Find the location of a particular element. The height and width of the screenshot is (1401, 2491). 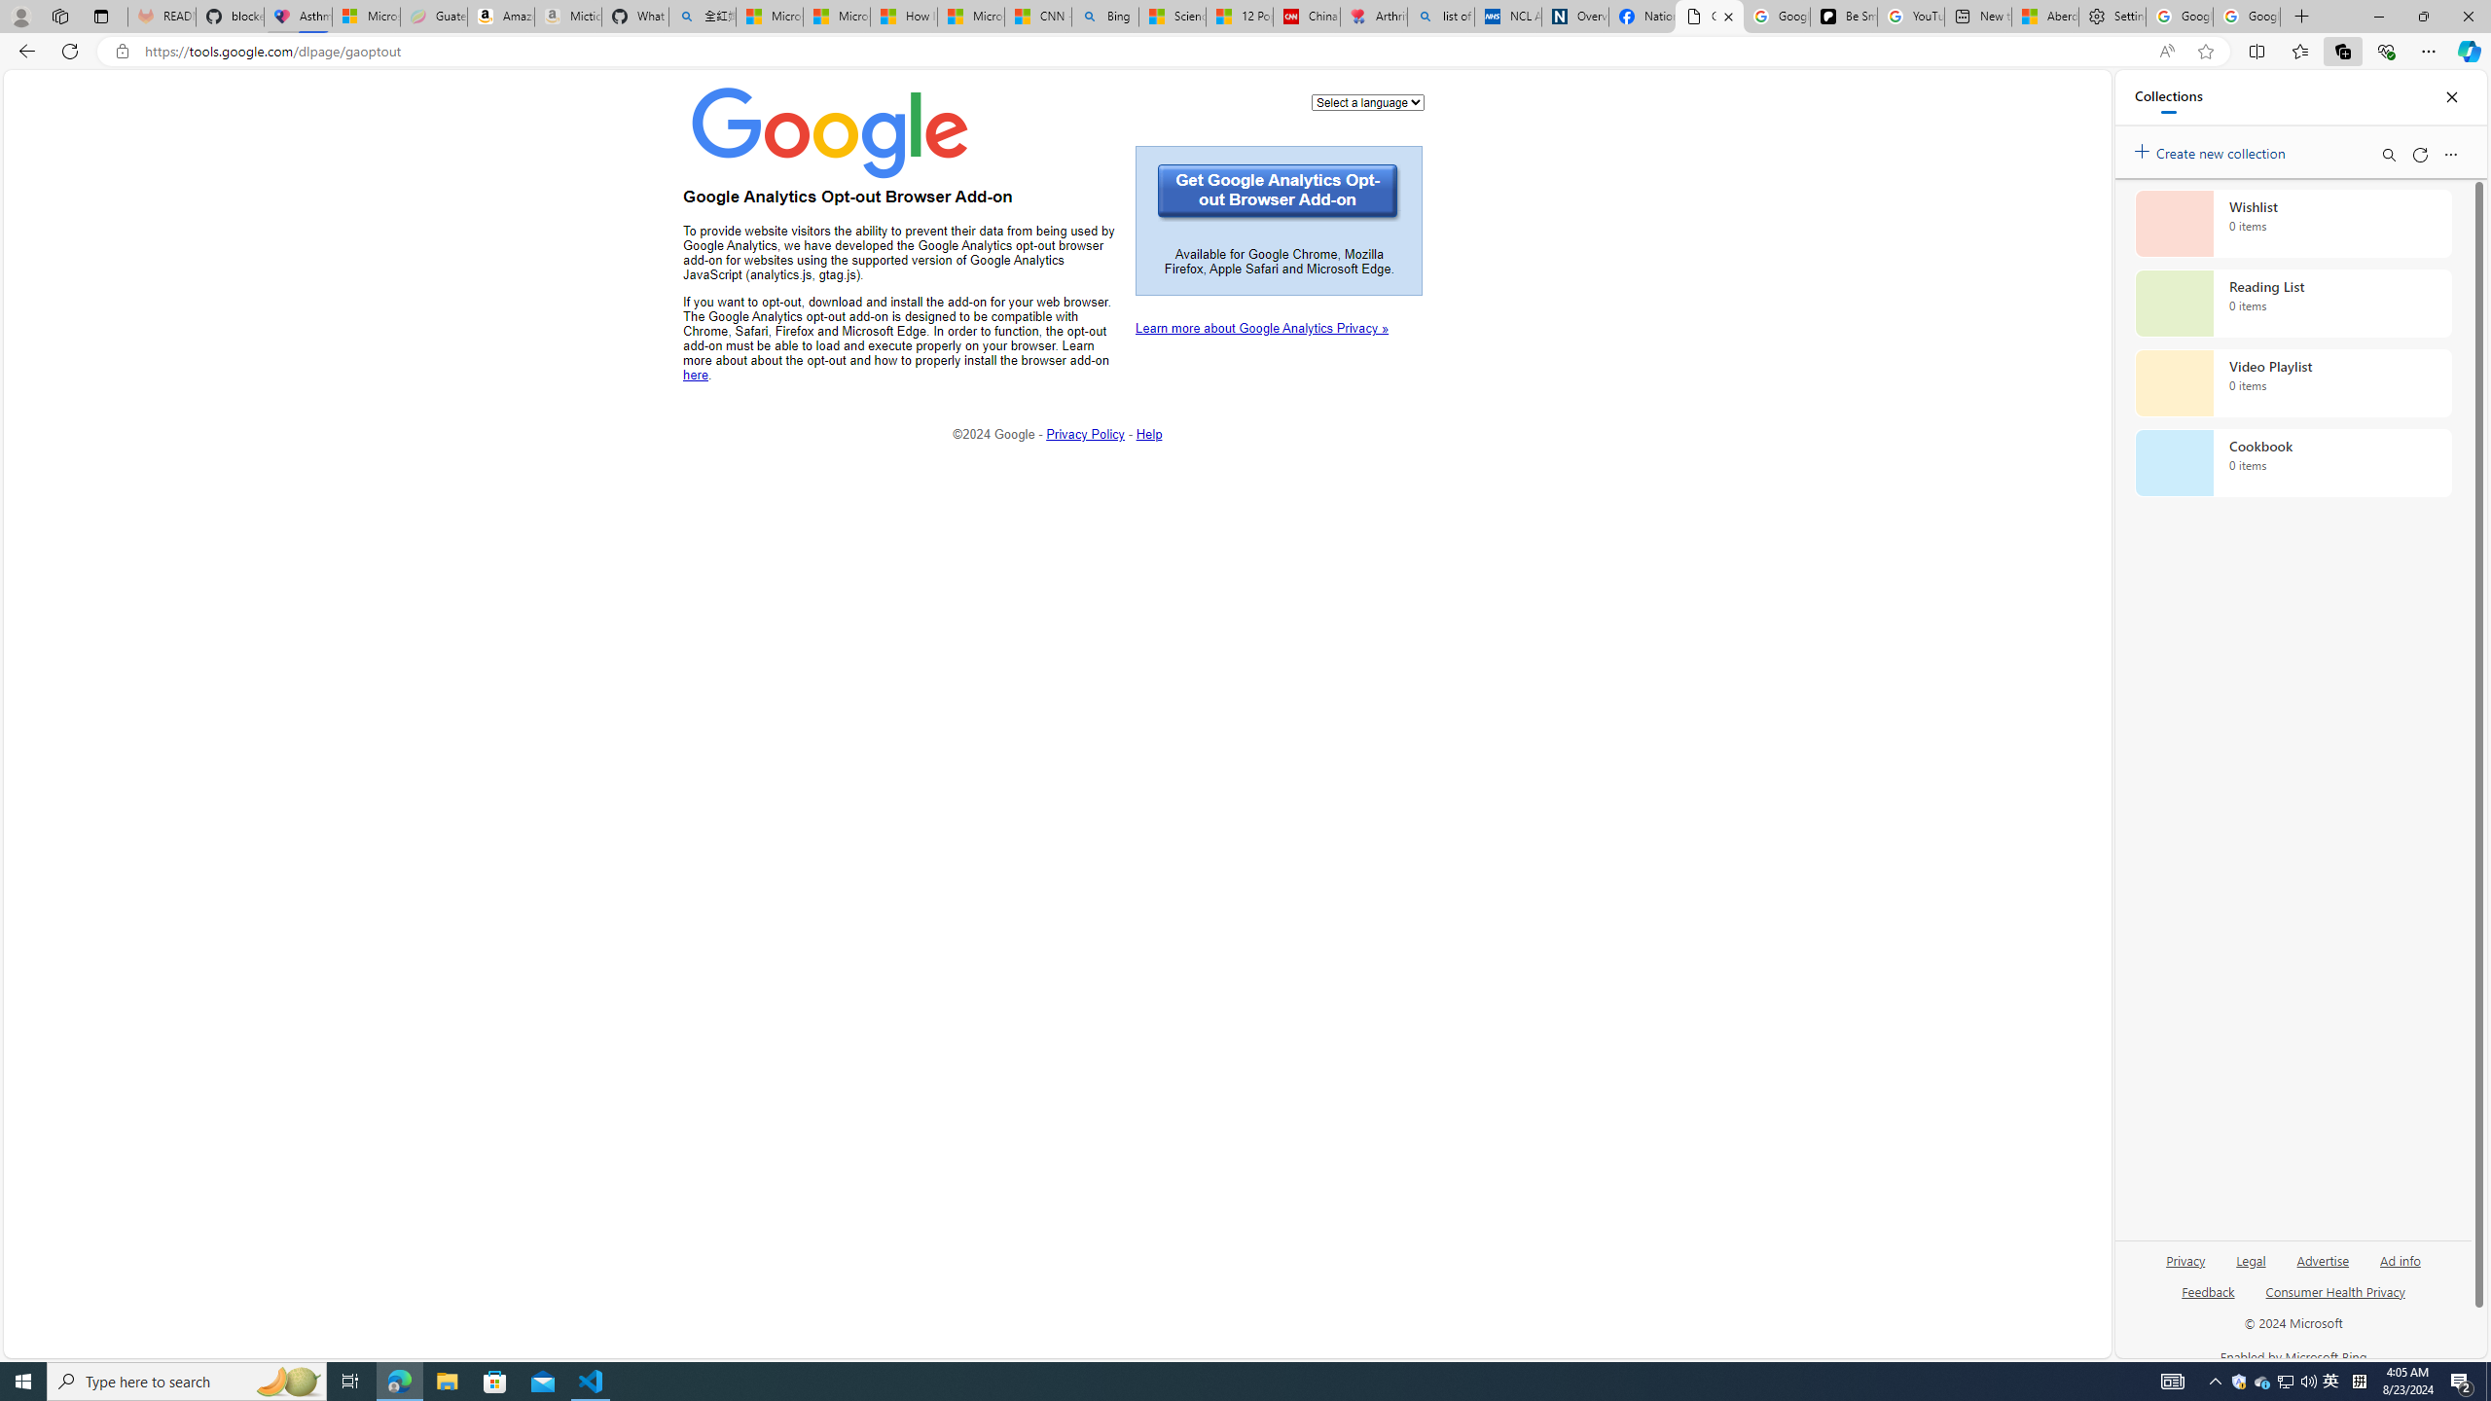

'Legal' is located at coordinates (2252, 1259).